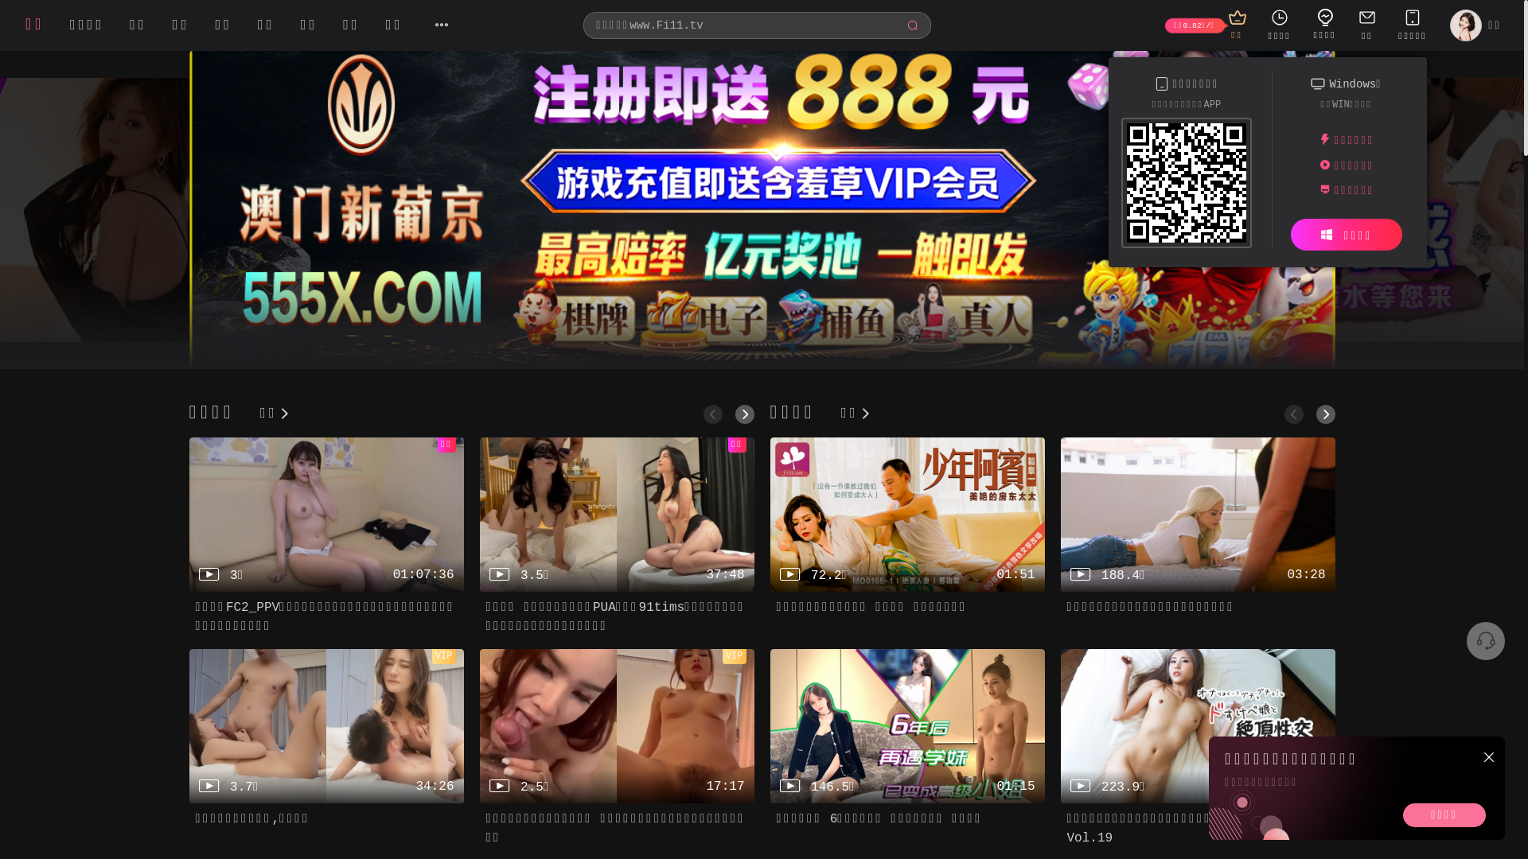 The height and width of the screenshot is (859, 1528). What do you see at coordinates (1187, 185) in the screenshot?
I see `'https://op.xinxi56.com?id=49847223'` at bounding box center [1187, 185].